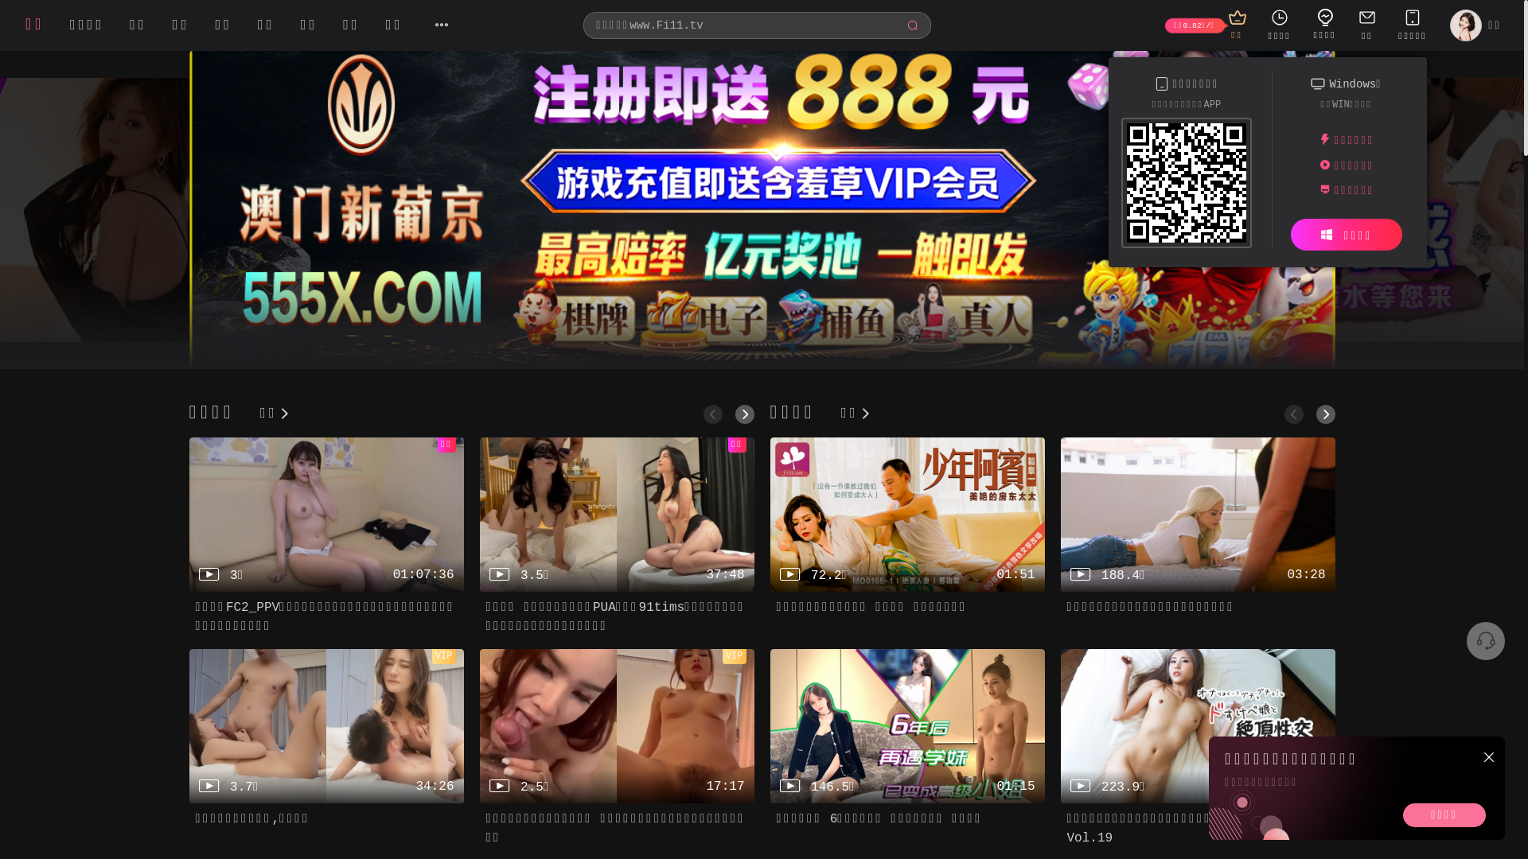 The height and width of the screenshot is (859, 1528). What do you see at coordinates (1187, 185) in the screenshot?
I see `'https://op.xinxi56.com?id=49847223'` at bounding box center [1187, 185].